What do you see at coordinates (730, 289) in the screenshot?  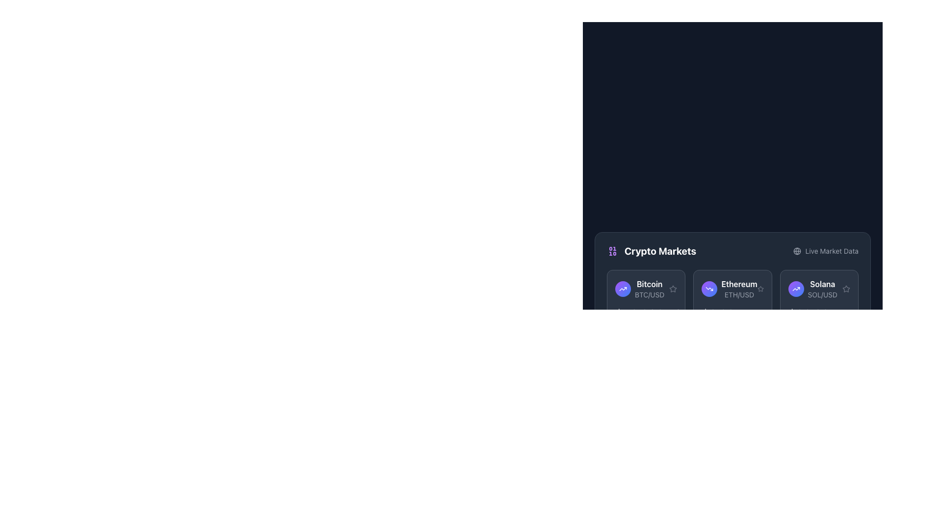 I see `to select the Ethereum cryptocurrency option from the list located within the 'Crypto Markets' panel` at bounding box center [730, 289].